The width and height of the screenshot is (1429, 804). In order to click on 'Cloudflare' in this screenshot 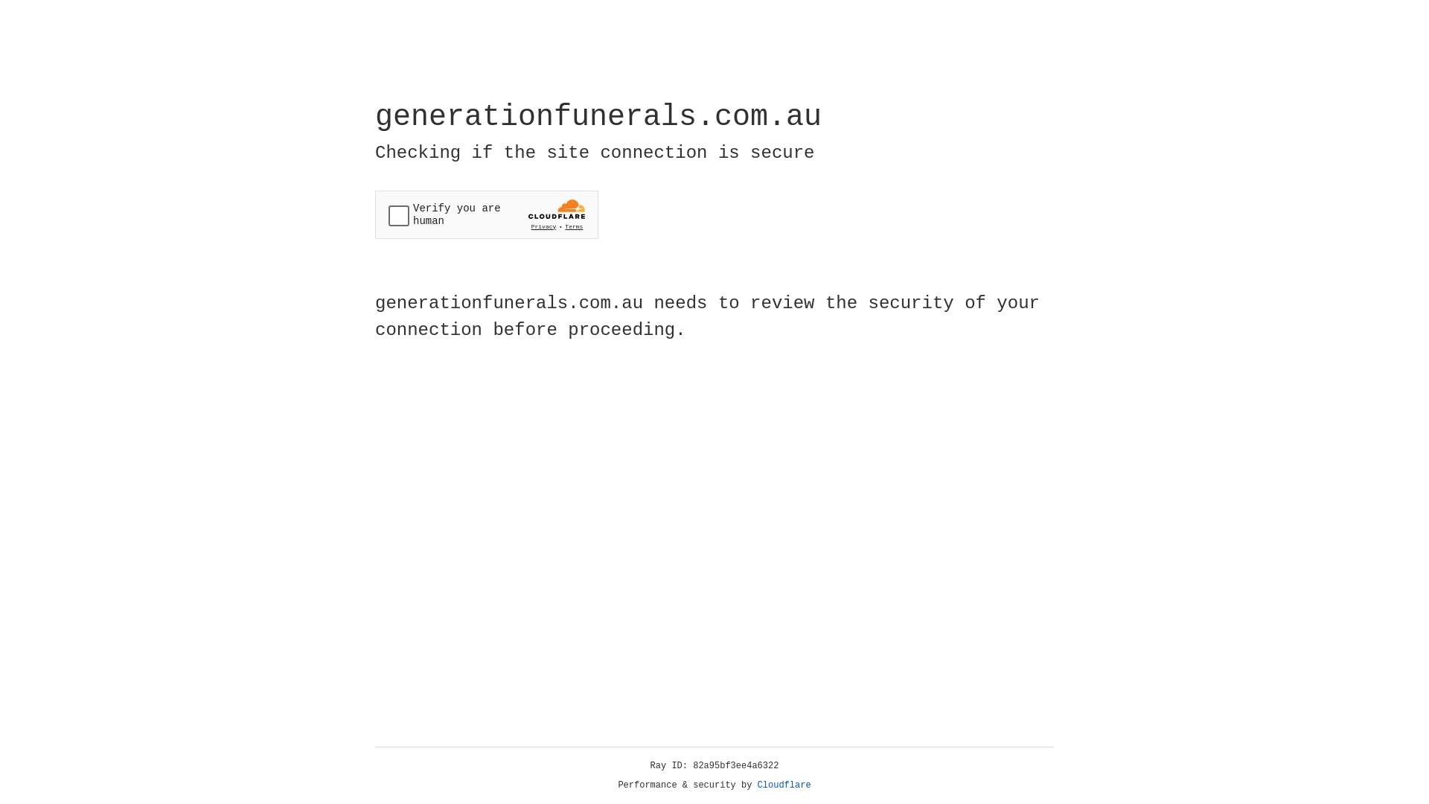, I will do `click(784, 785)`.